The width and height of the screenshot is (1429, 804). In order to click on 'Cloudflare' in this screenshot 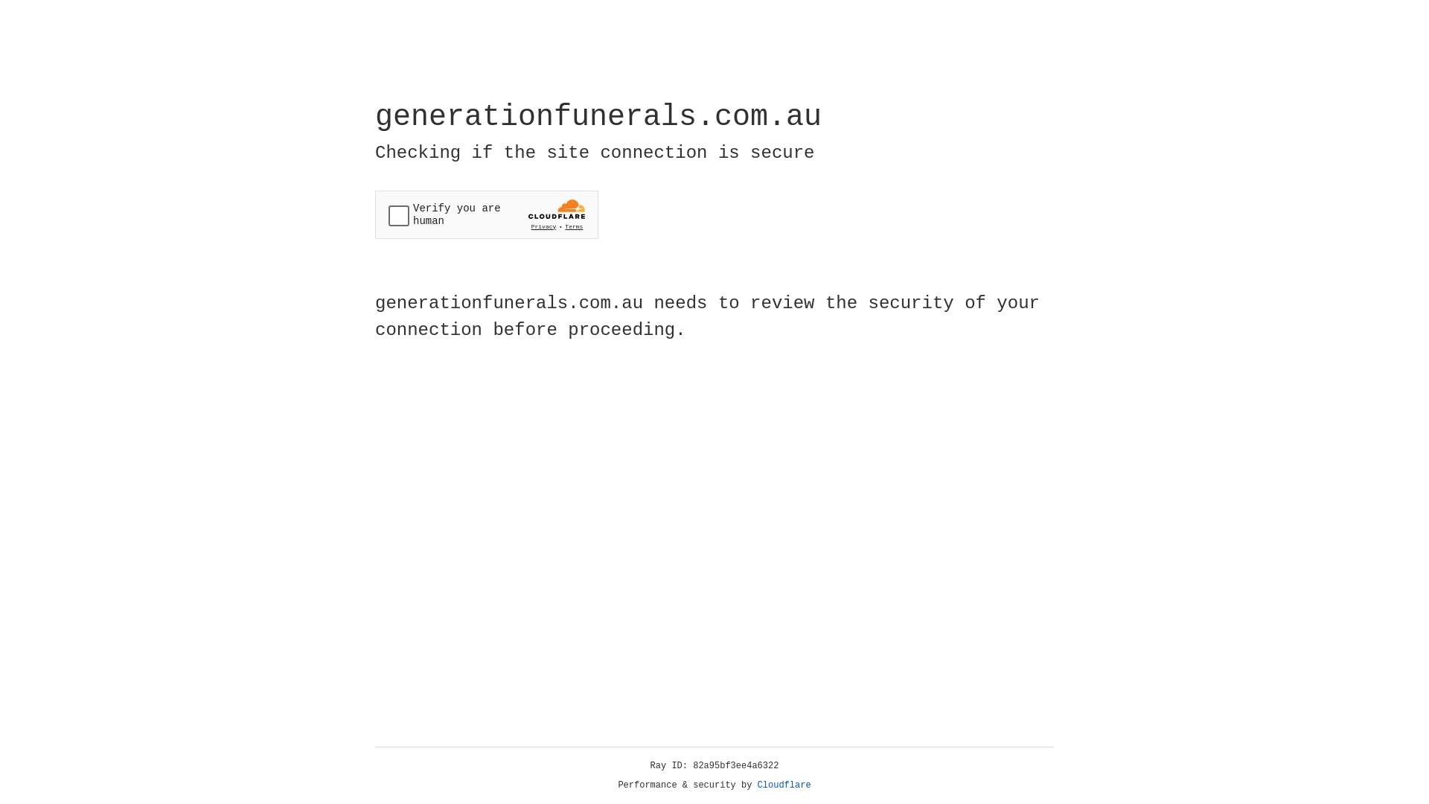, I will do `click(784, 785)`.